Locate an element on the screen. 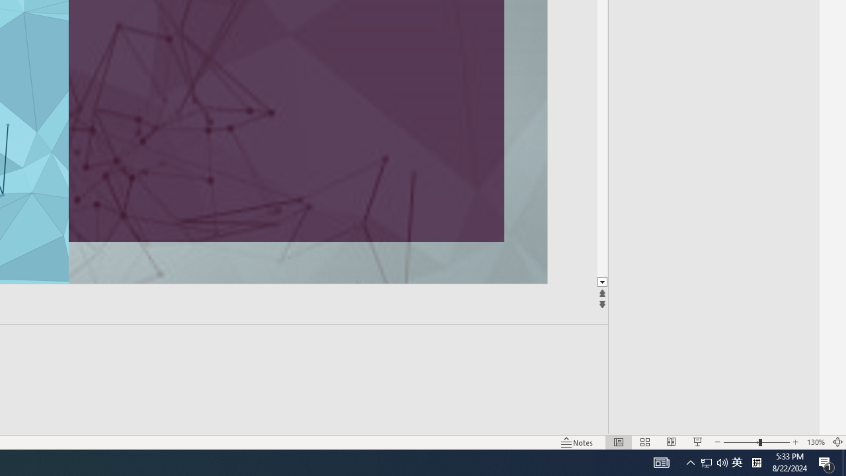  'Zoom 130%' is located at coordinates (815, 442).